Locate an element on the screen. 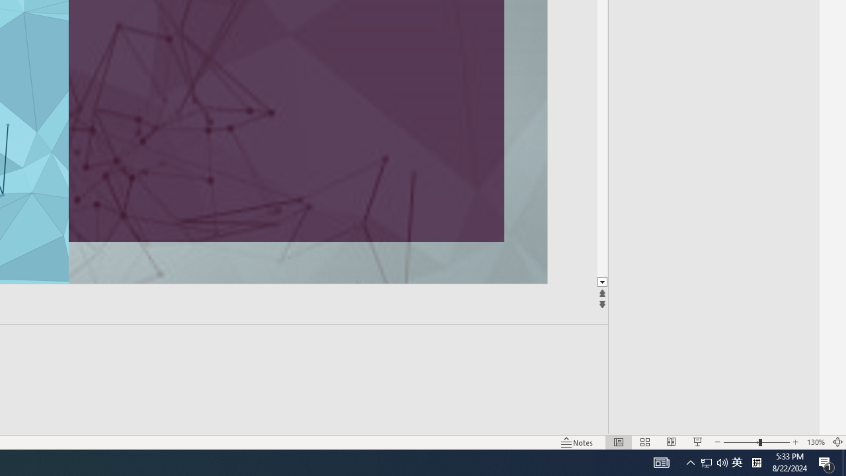  'Zoom 130%' is located at coordinates (815, 442).